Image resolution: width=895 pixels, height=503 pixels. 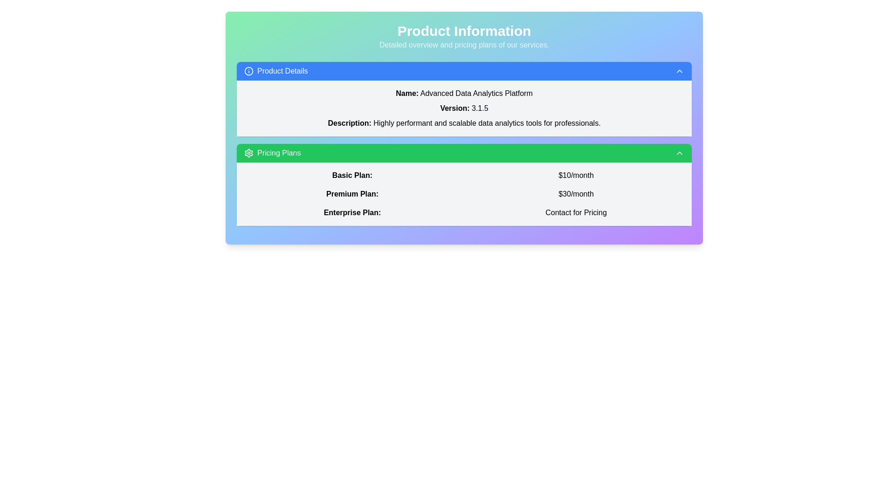 I want to click on the text label in the 'Product Details' section that defines the overview of the product, so click(x=349, y=122).